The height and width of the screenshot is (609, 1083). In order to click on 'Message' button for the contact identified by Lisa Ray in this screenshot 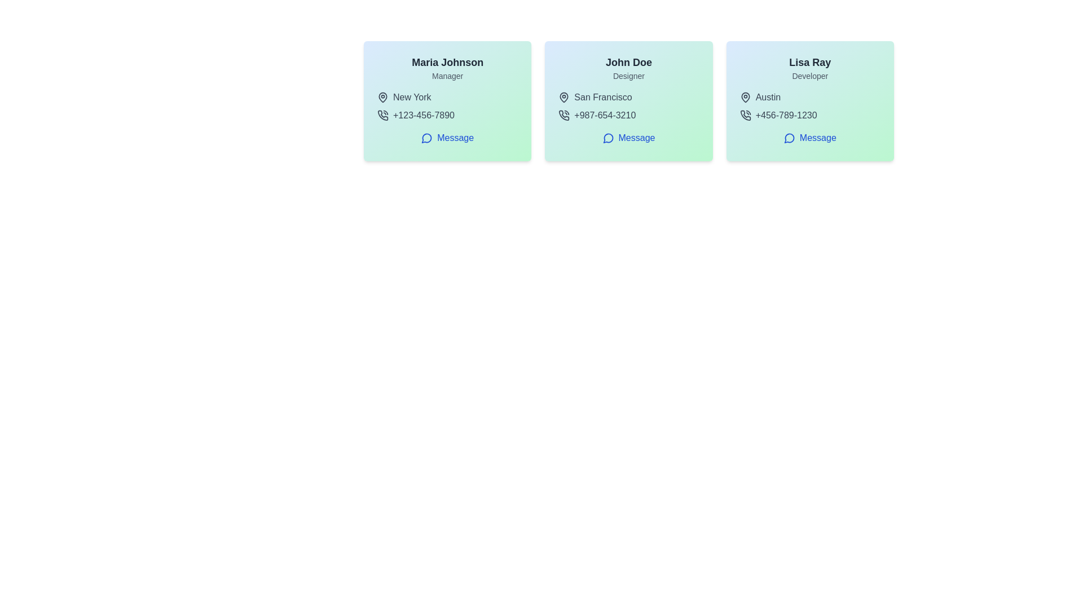, I will do `click(809, 138)`.